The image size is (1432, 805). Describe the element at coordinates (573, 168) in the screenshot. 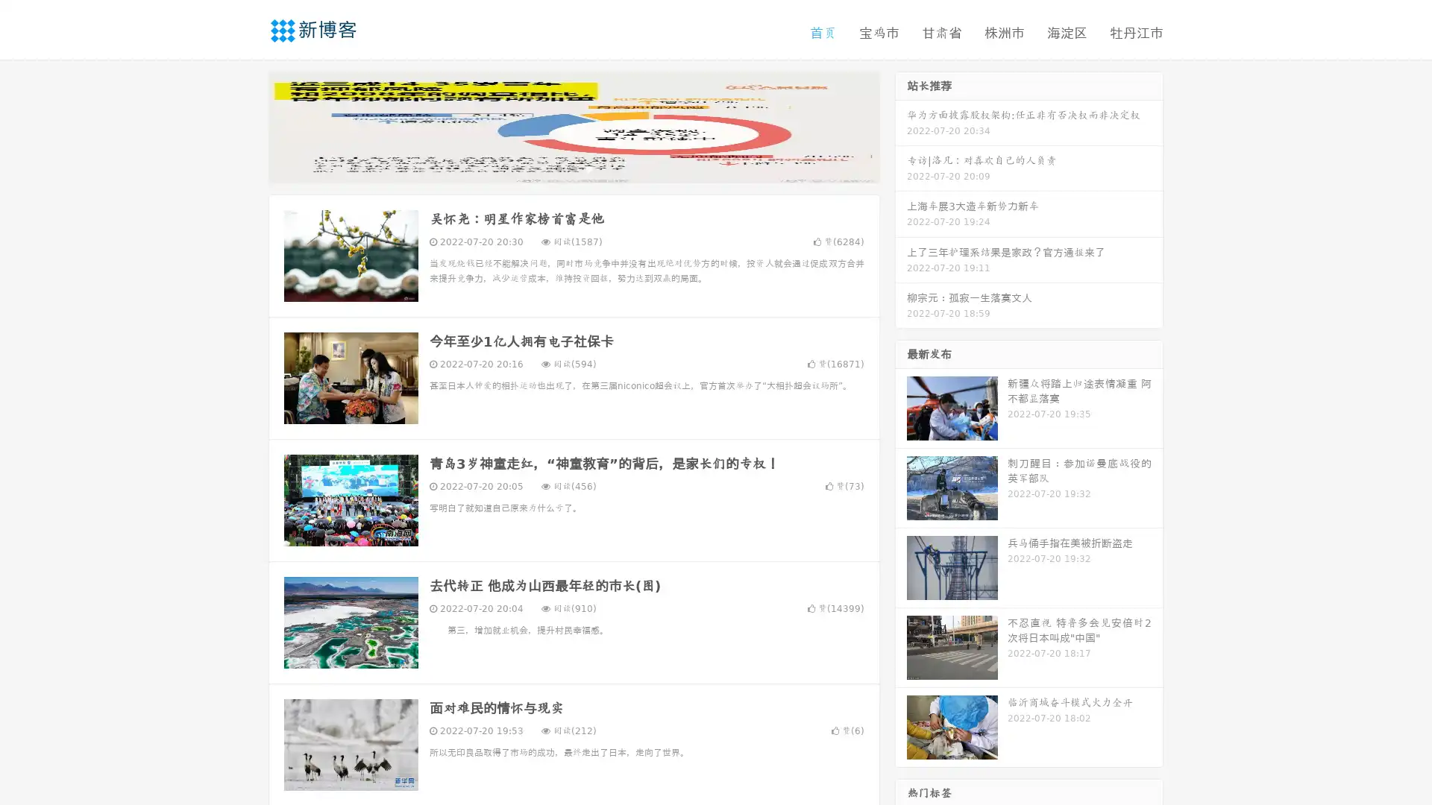

I see `Go to slide 2` at that location.